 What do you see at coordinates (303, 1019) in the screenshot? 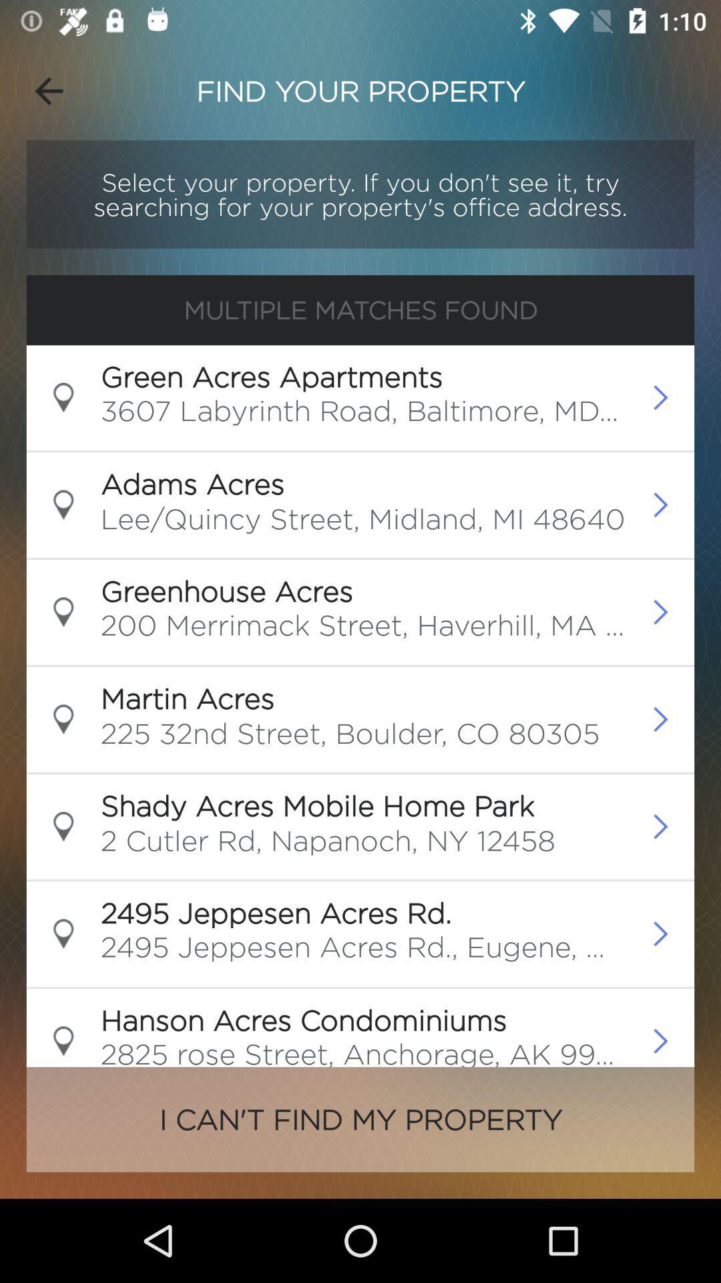
I see `item above 2825 rose street icon` at bounding box center [303, 1019].